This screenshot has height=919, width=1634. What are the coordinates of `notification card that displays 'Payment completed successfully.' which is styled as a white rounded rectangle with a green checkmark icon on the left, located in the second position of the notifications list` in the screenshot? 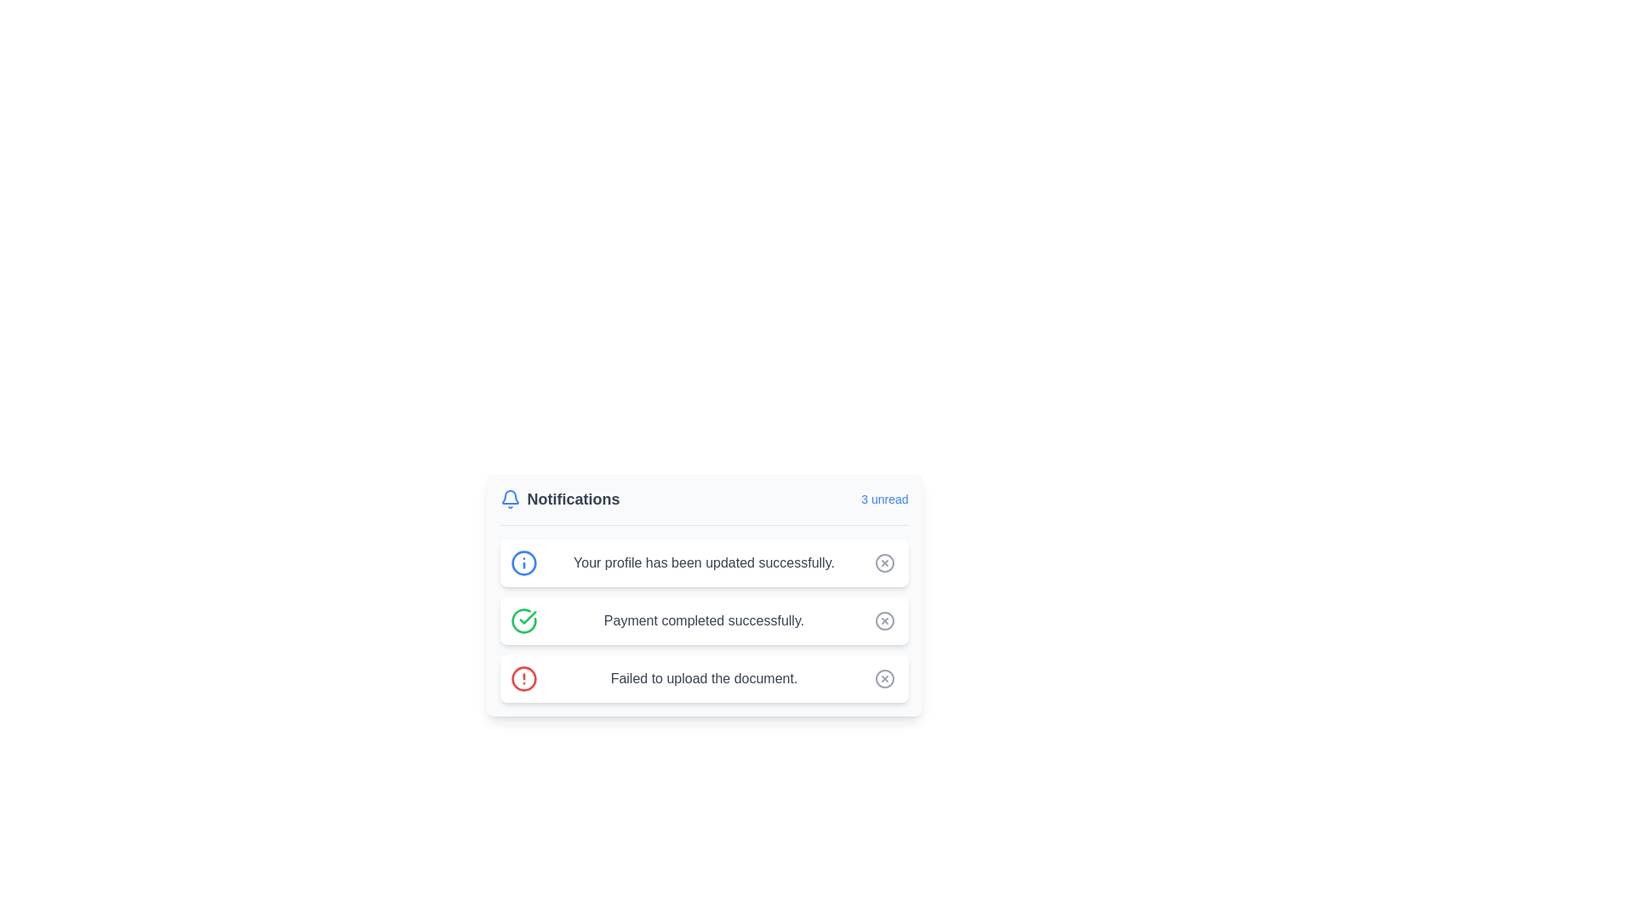 It's located at (704, 620).